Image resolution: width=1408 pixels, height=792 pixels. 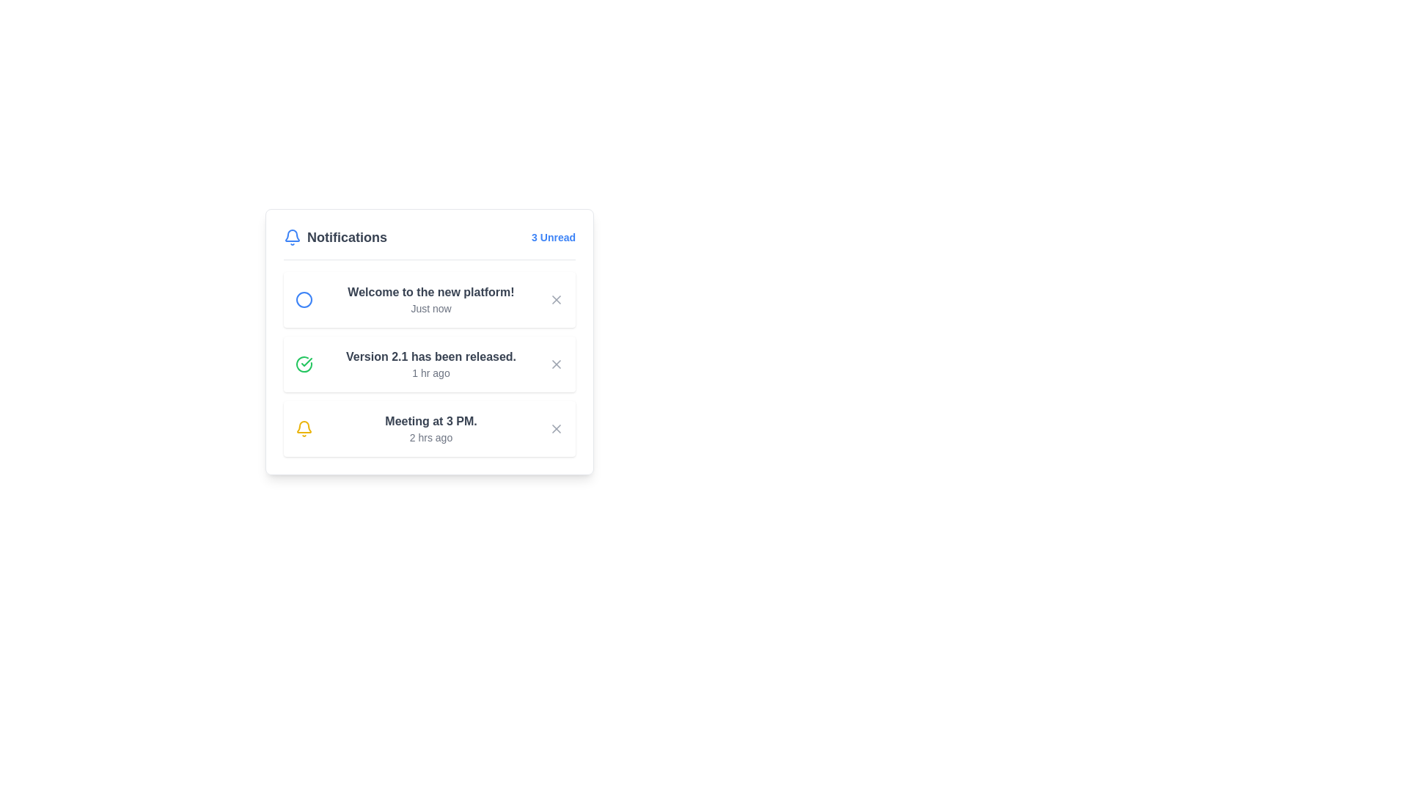 What do you see at coordinates (430, 437) in the screenshot?
I see `the Text Label that displays the relative time elapsed since the notification event occurred, located beneath the 'Meeting at 3 PM.' text in the notification card` at bounding box center [430, 437].